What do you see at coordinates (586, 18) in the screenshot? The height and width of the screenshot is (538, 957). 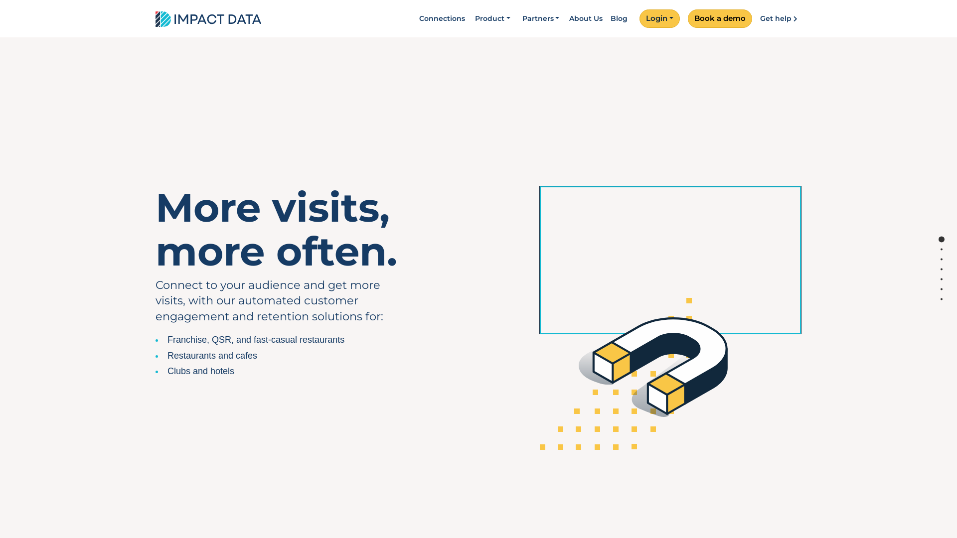 I see `'About Us'` at bounding box center [586, 18].